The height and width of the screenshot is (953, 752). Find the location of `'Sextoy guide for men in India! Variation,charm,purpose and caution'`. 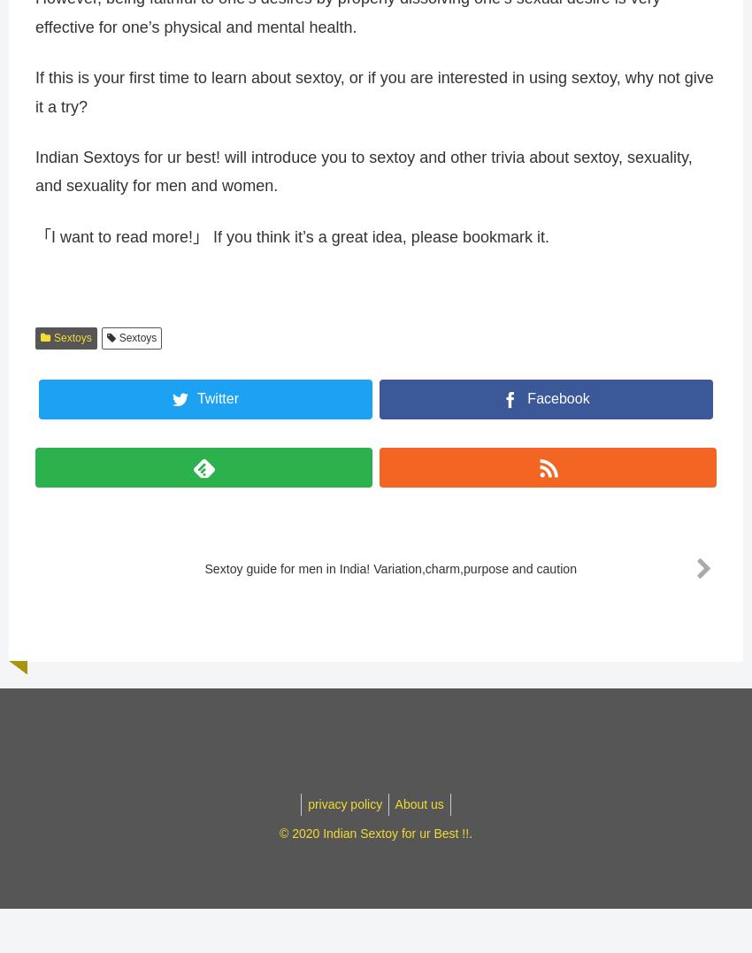

'Sextoy guide for men in India! Variation,charm,purpose and caution' is located at coordinates (385, 576).